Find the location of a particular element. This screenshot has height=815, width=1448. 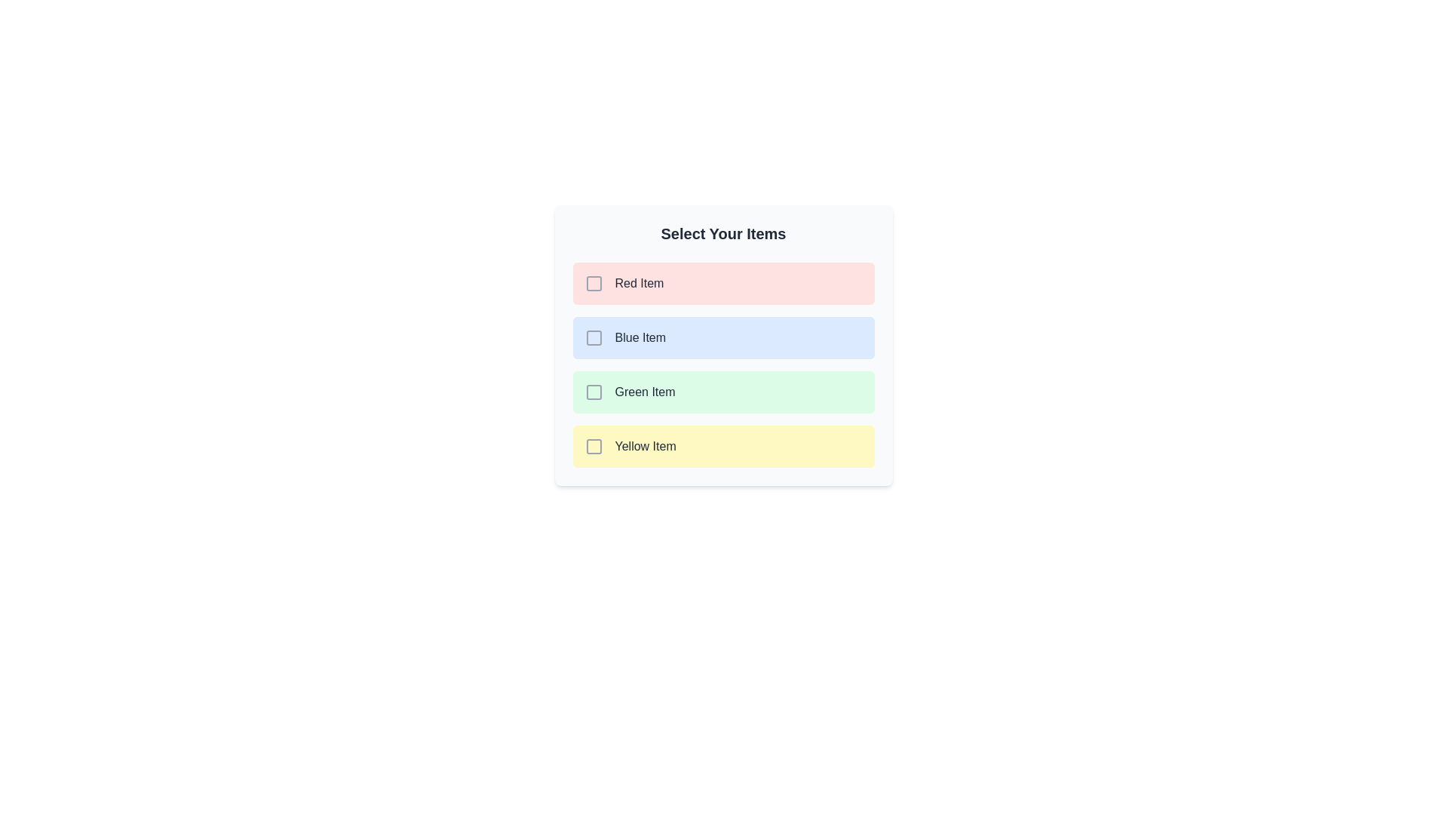

the item Yellow Item to observe its hover effect is located at coordinates (722, 445).